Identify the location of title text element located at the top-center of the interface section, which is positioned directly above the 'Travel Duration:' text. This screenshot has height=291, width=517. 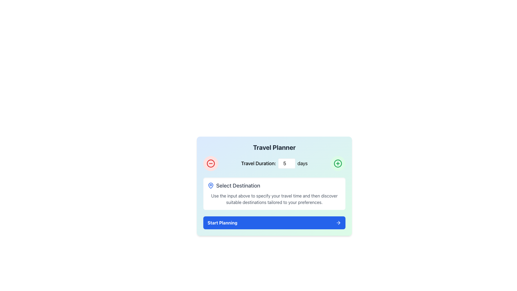
(274, 147).